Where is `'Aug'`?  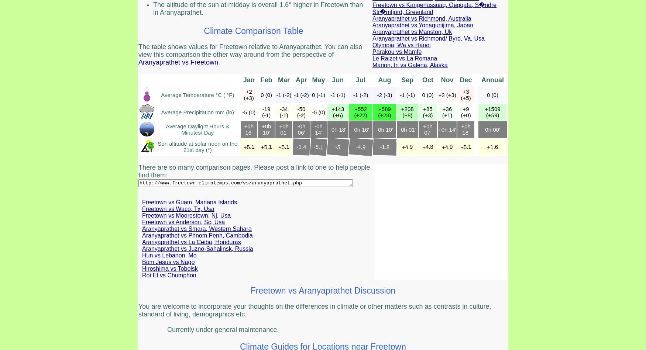 'Aug' is located at coordinates (384, 80).